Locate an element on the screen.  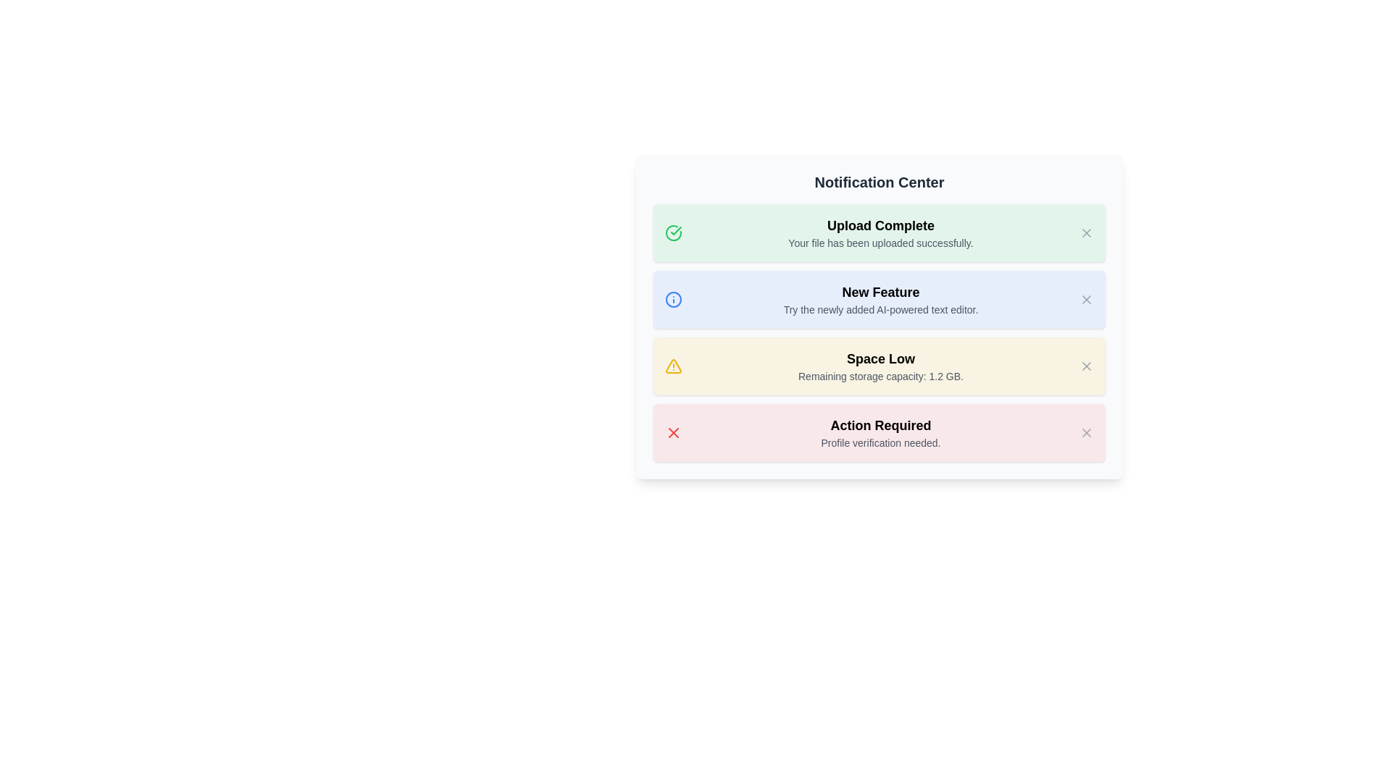
the text block displaying the heading 'New Feature' and the description 'Try the newly added AI-powered text editor.' which is styled with a light blue background and is the second box in the notification list is located at coordinates (880, 298).